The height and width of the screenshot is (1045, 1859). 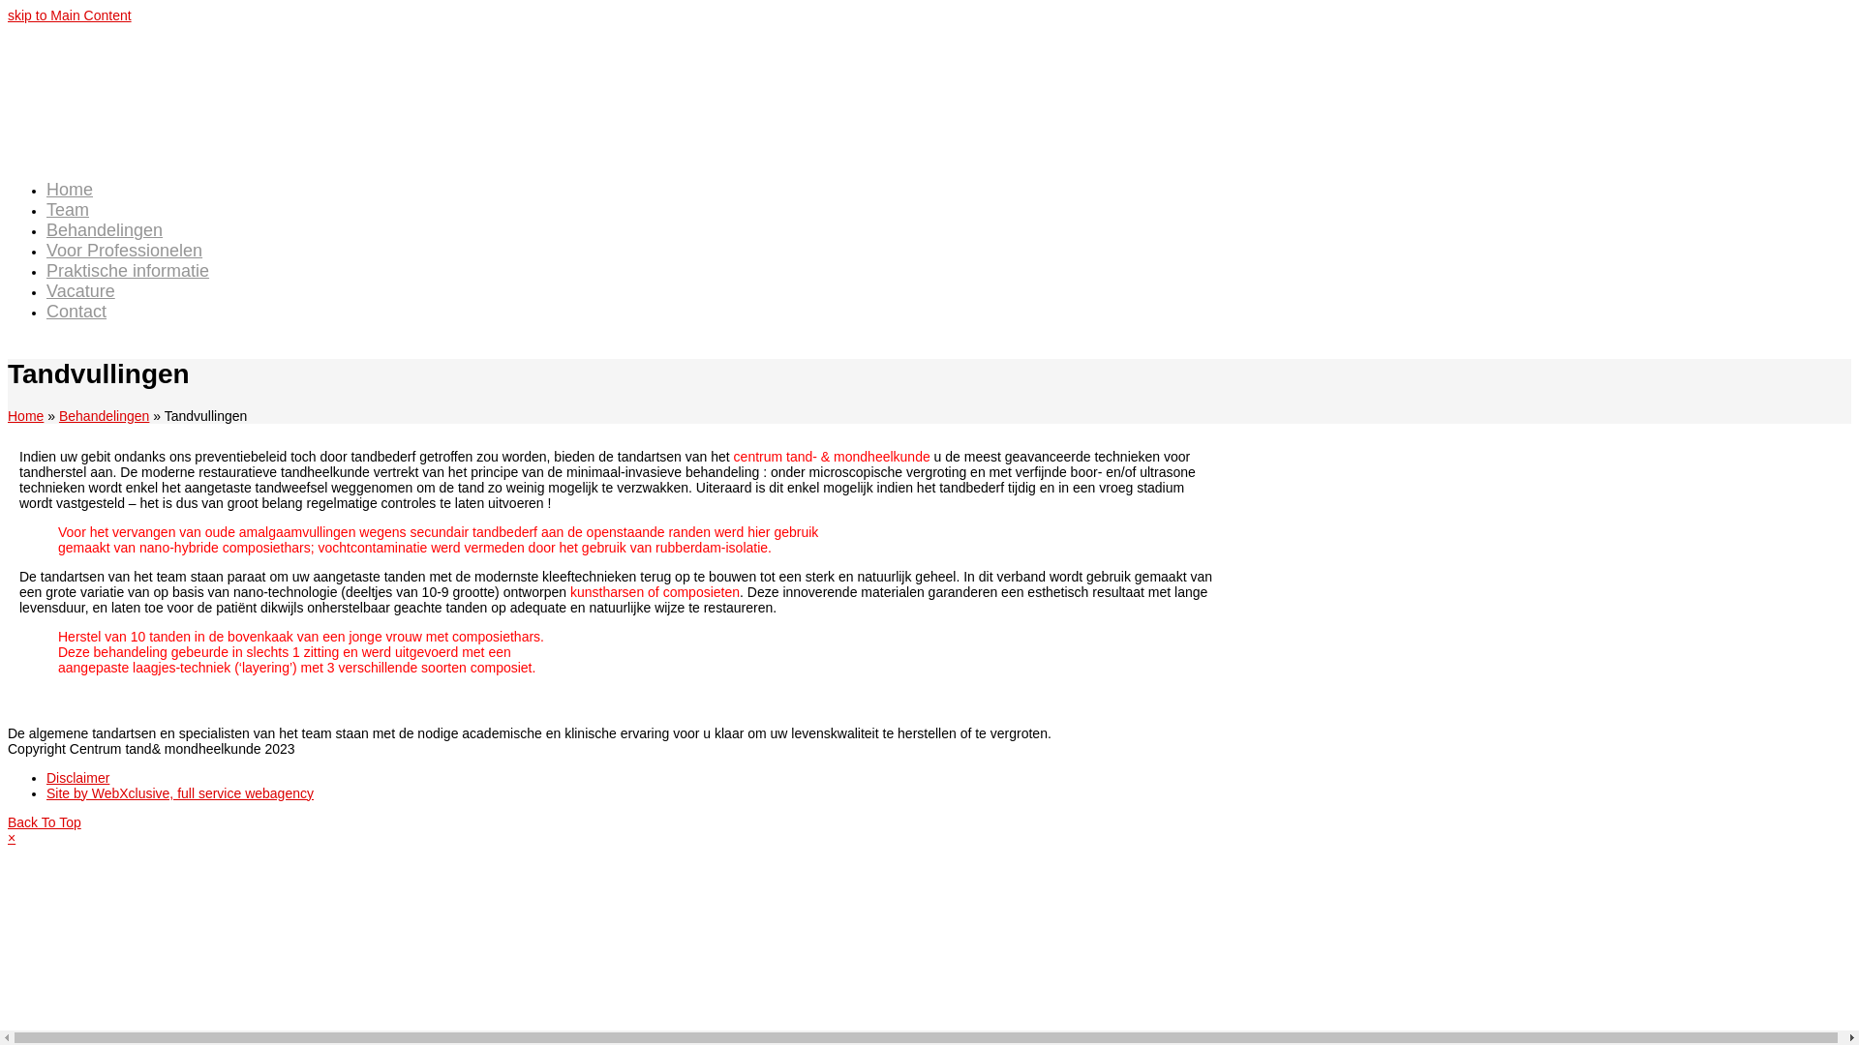 I want to click on 'Site by WebXclusive, full service webagency', so click(x=180, y=793).